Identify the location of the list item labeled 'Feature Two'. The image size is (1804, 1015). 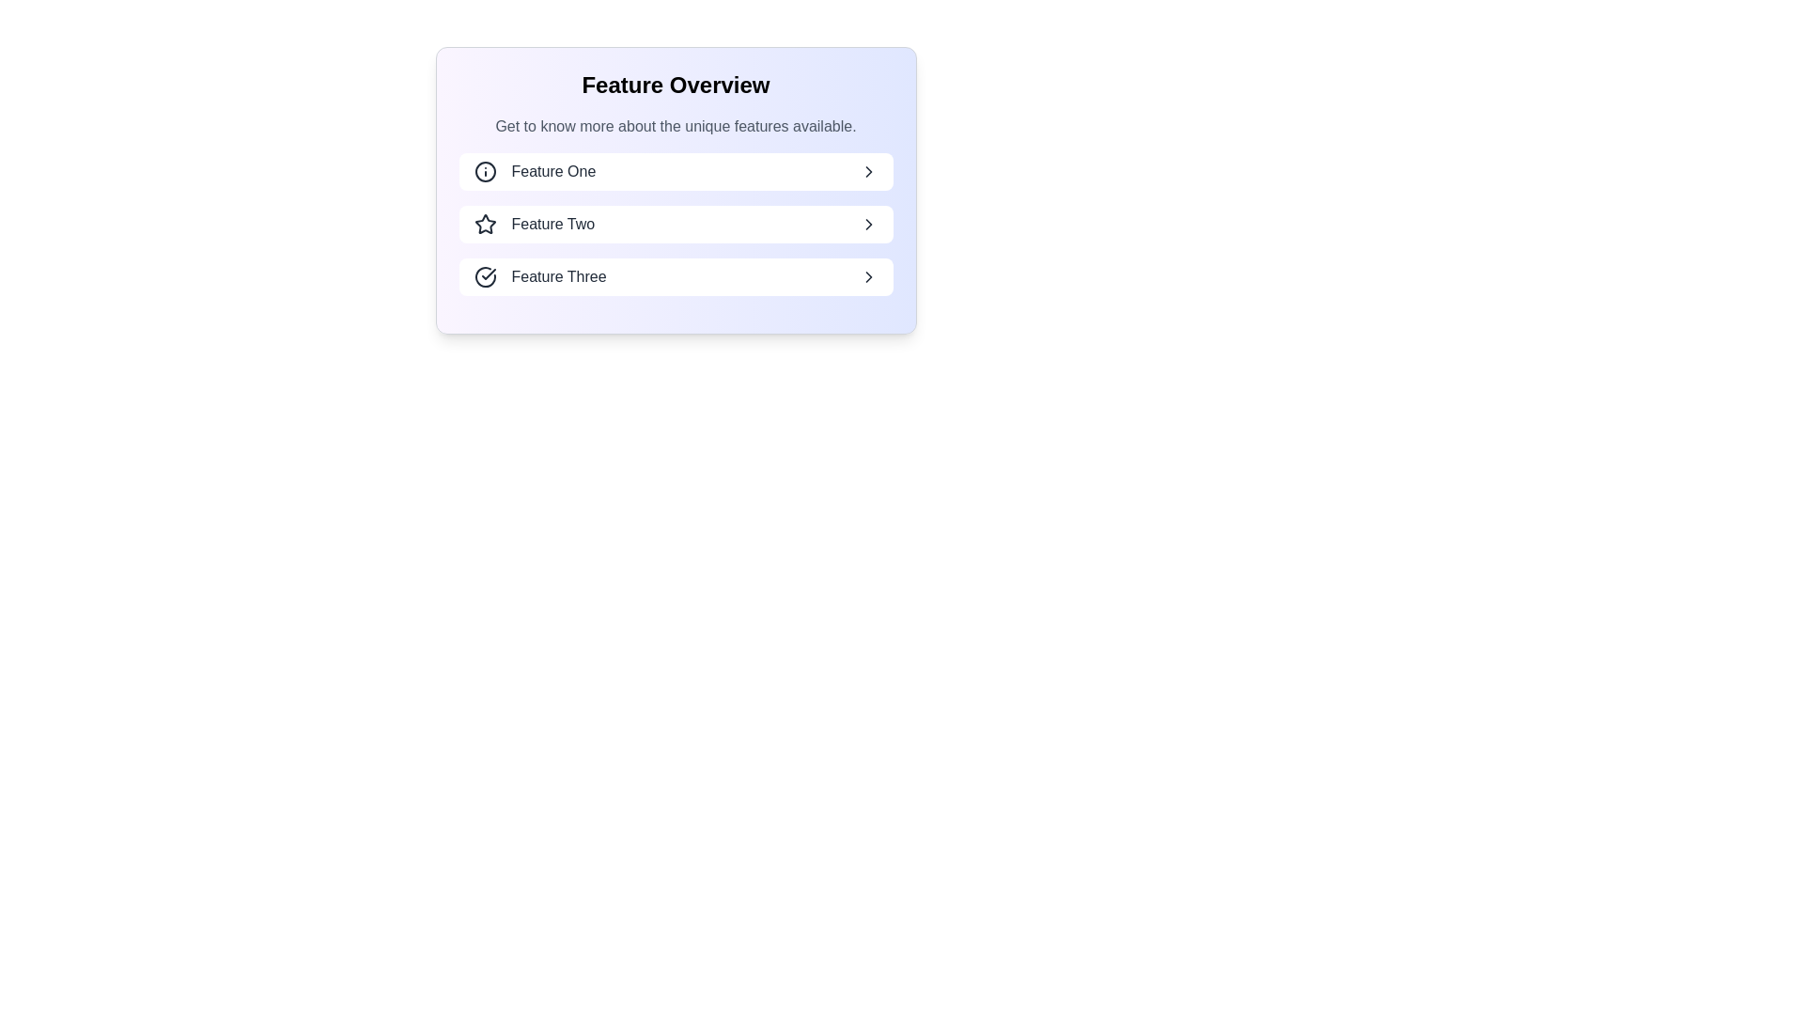
(676, 224).